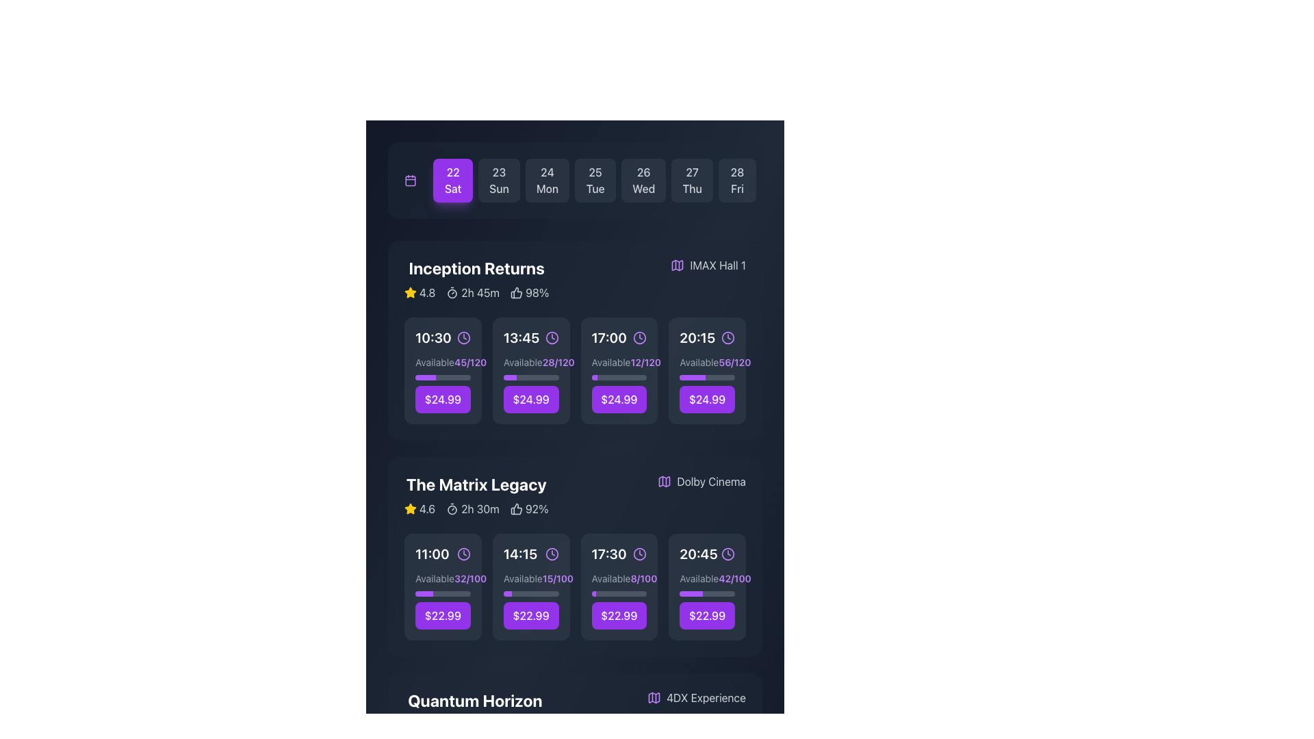 The image size is (1314, 739). Describe the element at coordinates (618, 371) in the screenshot. I see `the button with rounded corners and a purple background that reads 'Select Seats' to potentially reveal a tooltip or effect` at that location.